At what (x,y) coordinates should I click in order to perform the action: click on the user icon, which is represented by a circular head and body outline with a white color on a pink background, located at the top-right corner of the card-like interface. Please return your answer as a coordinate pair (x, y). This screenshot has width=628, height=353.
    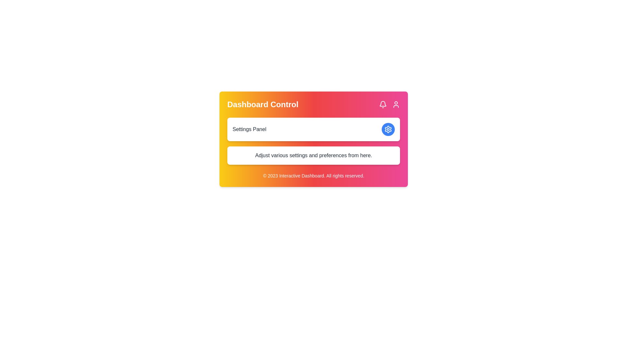
    Looking at the image, I should click on (395, 104).